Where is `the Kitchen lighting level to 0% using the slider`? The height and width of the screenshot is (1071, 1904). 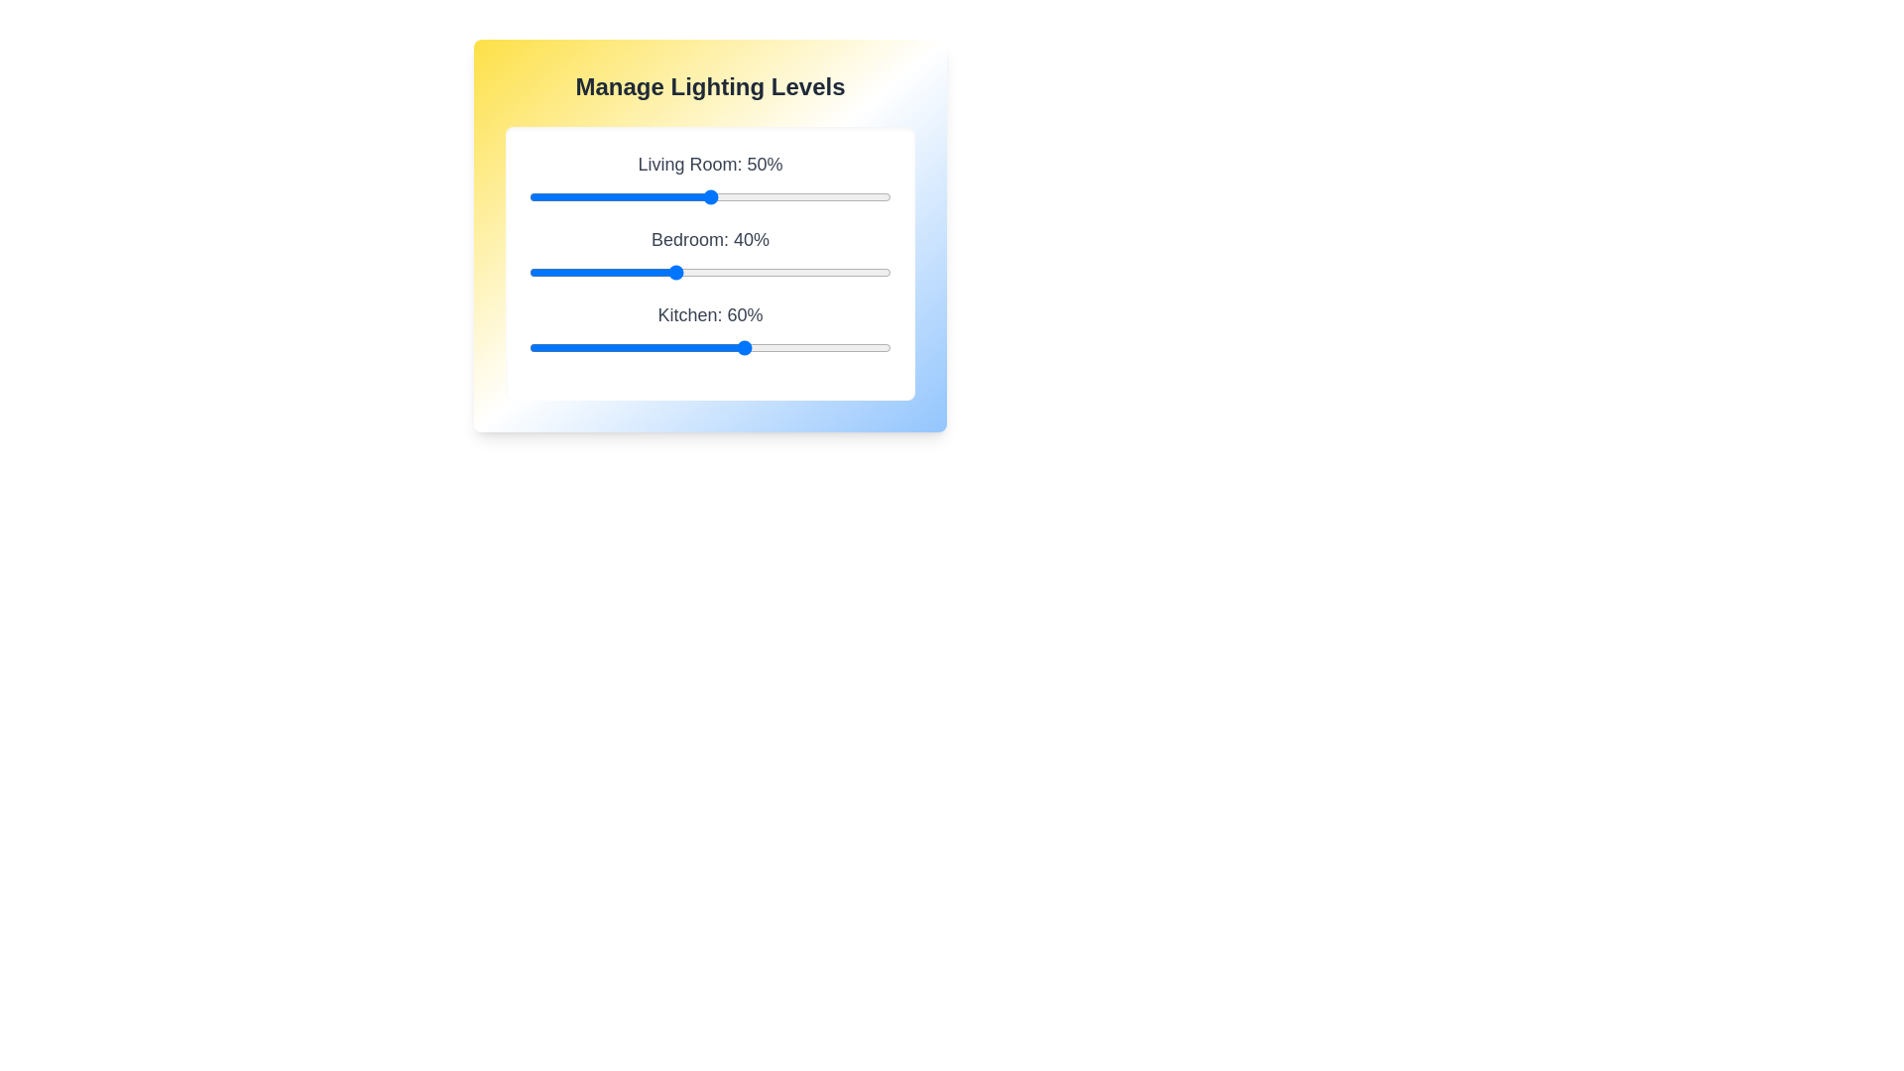
the Kitchen lighting level to 0% using the slider is located at coordinates (529, 347).